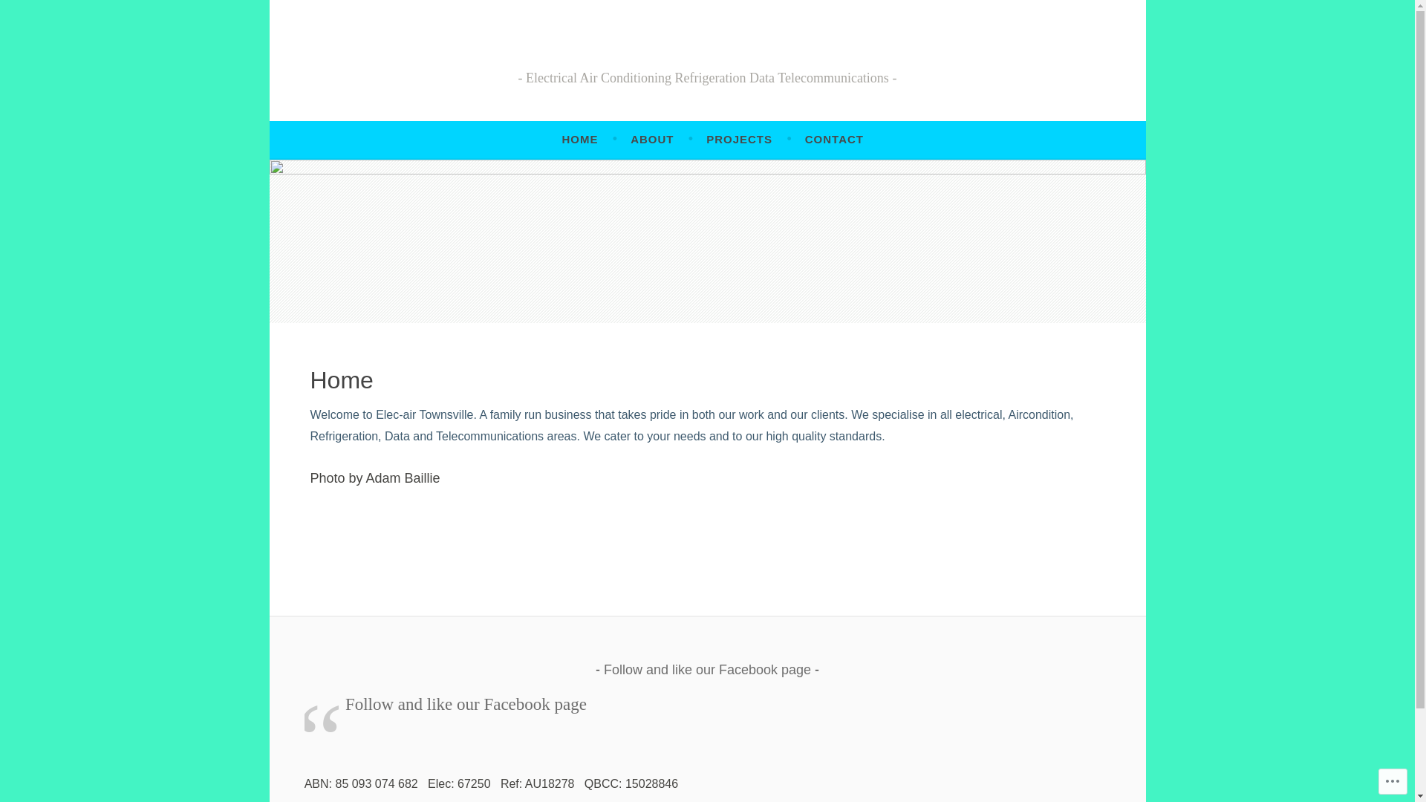 Image resolution: width=1426 pixels, height=802 pixels. Describe the element at coordinates (465, 703) in the screenshot. I see `'Follow and like our Facebook page'` at that location.